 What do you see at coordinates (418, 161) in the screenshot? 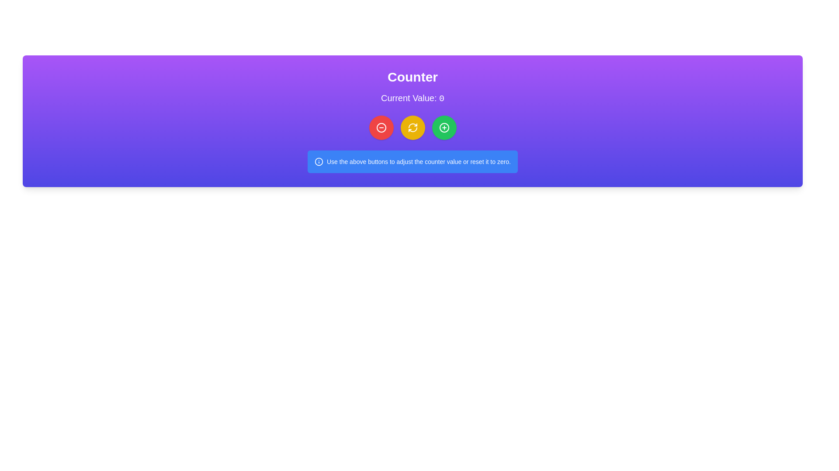
I see `the static text element that instructs to 'Use the above buttons to adjust the counter value or reset it to zero', which is styled in white text on a blue background and located below three circular buttons` at bounding box center [418, 161].